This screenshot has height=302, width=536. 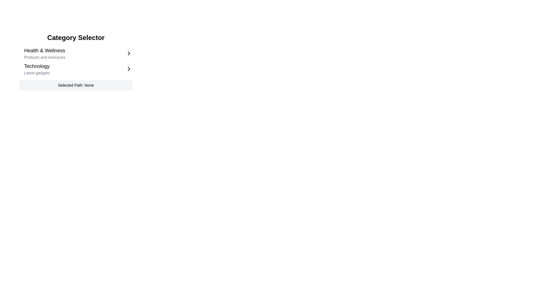 What do you see at coordinates (44, 53) in the screenshot?
I see `descriptive text element labeled 'Health & Wellness' located under the 'Category Selector' title, which is part of a clickable list item` at bounding box center [44, 53].